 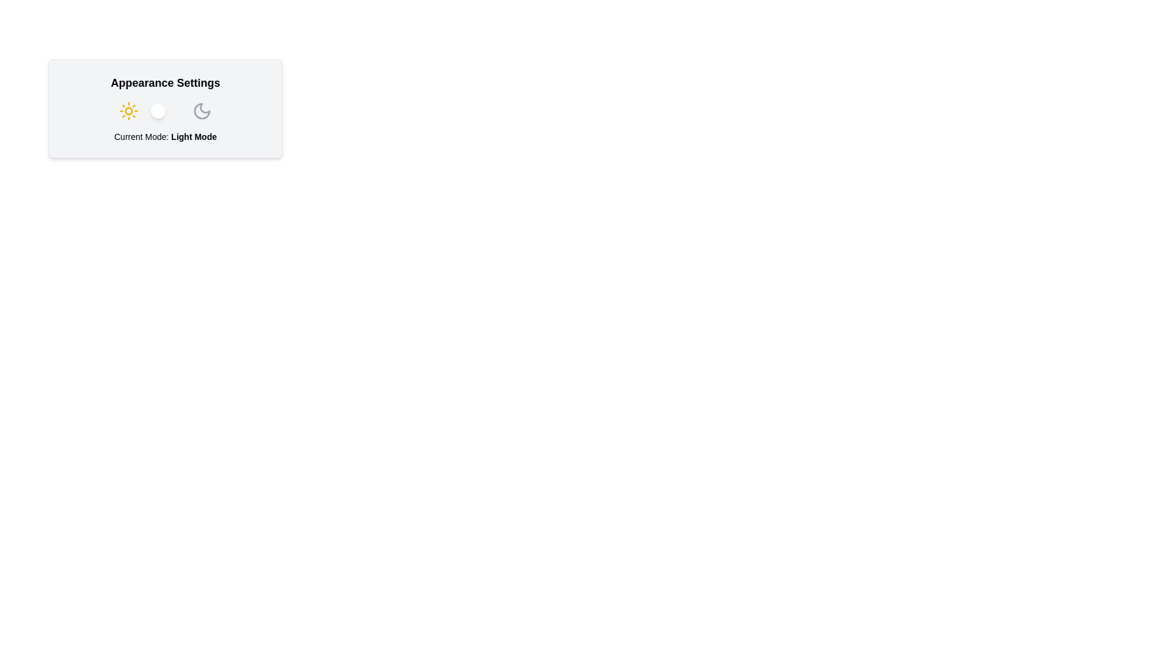 I want to click on the circular toggle of the mode switch located in the 'Appearance Settings' section, so click(x=164, y=111).